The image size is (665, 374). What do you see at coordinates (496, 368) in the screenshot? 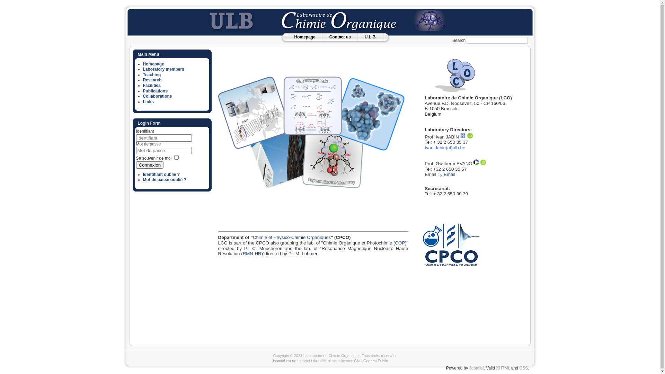
I see `'XHTML'` at bounding box center [496, 368].